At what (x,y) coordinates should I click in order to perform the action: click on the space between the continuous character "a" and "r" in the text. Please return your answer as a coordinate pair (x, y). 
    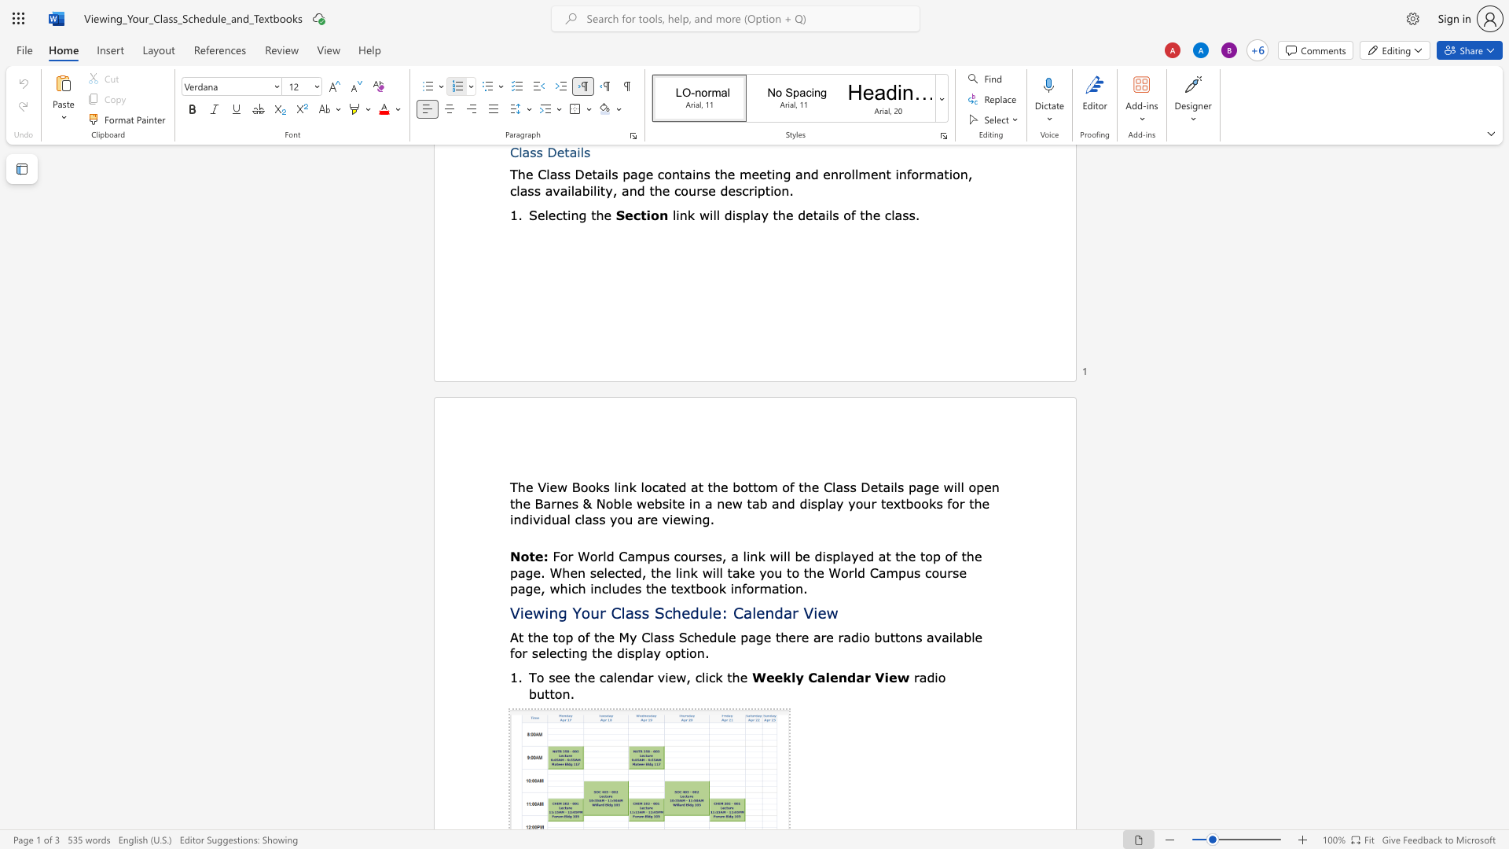
    Looking at the image, I should click on (647, 676).